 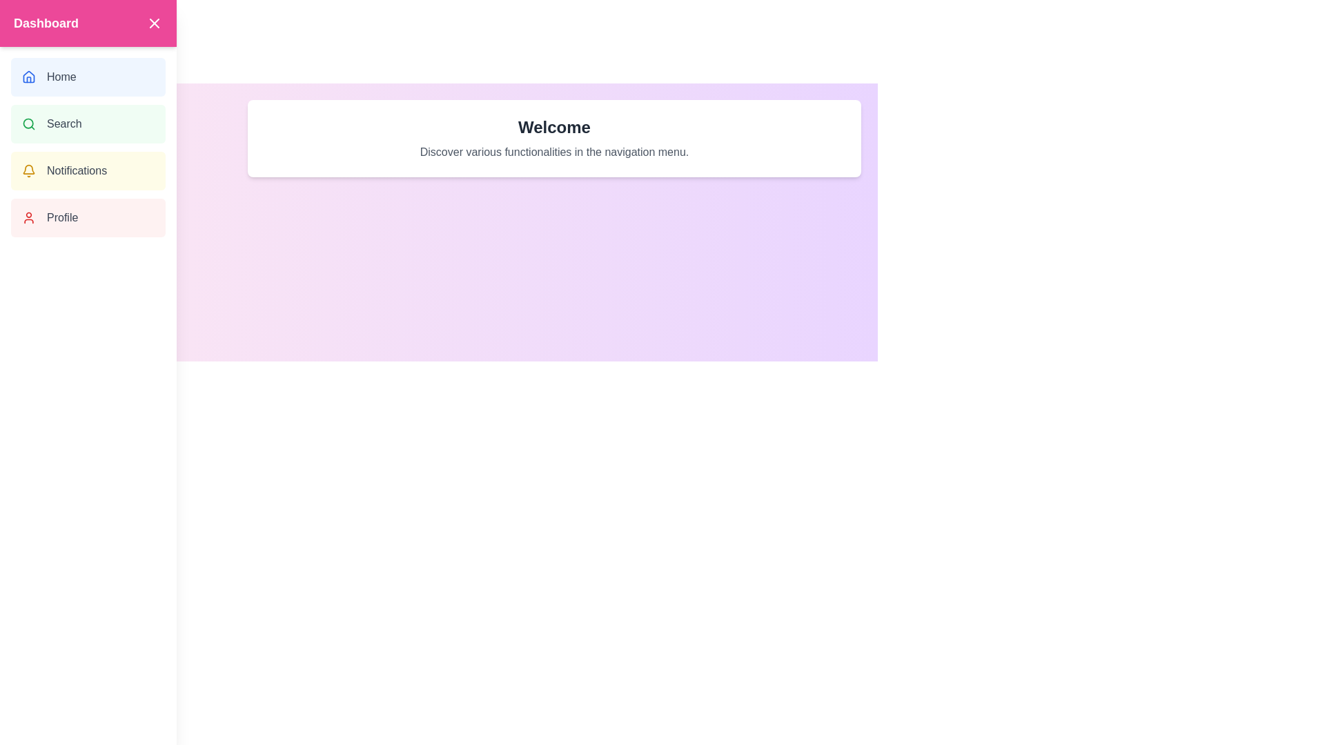 What do you see at coordinates (29, 77) in the screenshot?
I see `the small blue house-shaped SVG icon located on the 'Home' button in the vertical navigation sidebar to associate it with the 'Home' label functionality` at bounding box center [29, 77].